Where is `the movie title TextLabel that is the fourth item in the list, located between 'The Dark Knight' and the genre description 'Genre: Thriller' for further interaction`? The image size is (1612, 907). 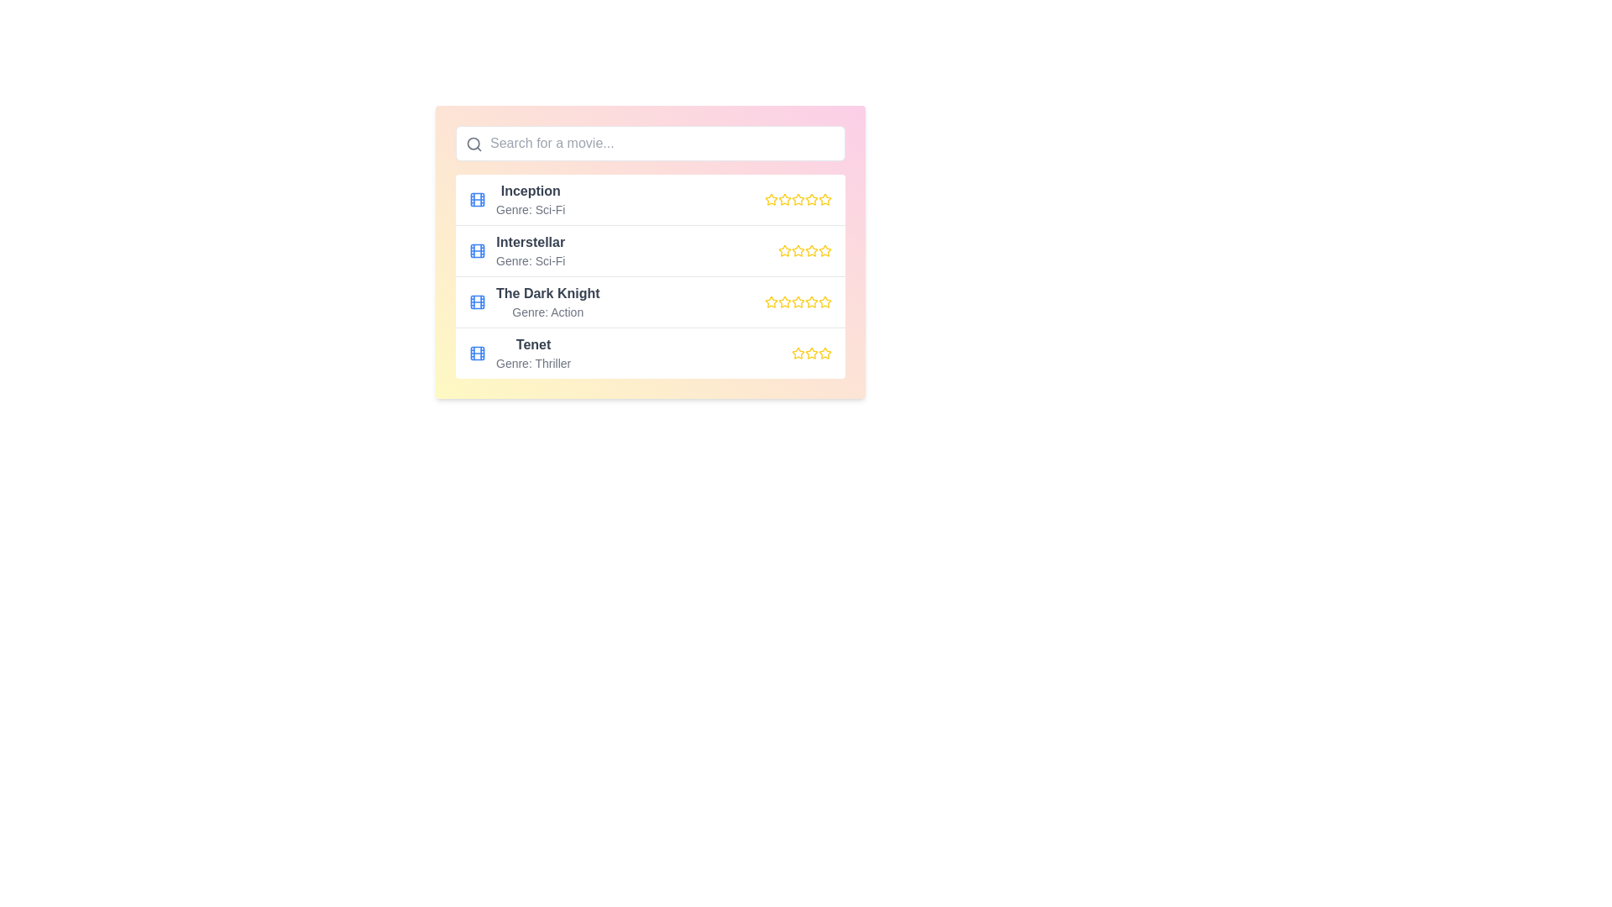
the movie title TextLabel that is the fourth item in the list, located between 'The Dark Knight' and the genre description 'Genre: Thriller' for further interaction is located at coordinates (532, 344).